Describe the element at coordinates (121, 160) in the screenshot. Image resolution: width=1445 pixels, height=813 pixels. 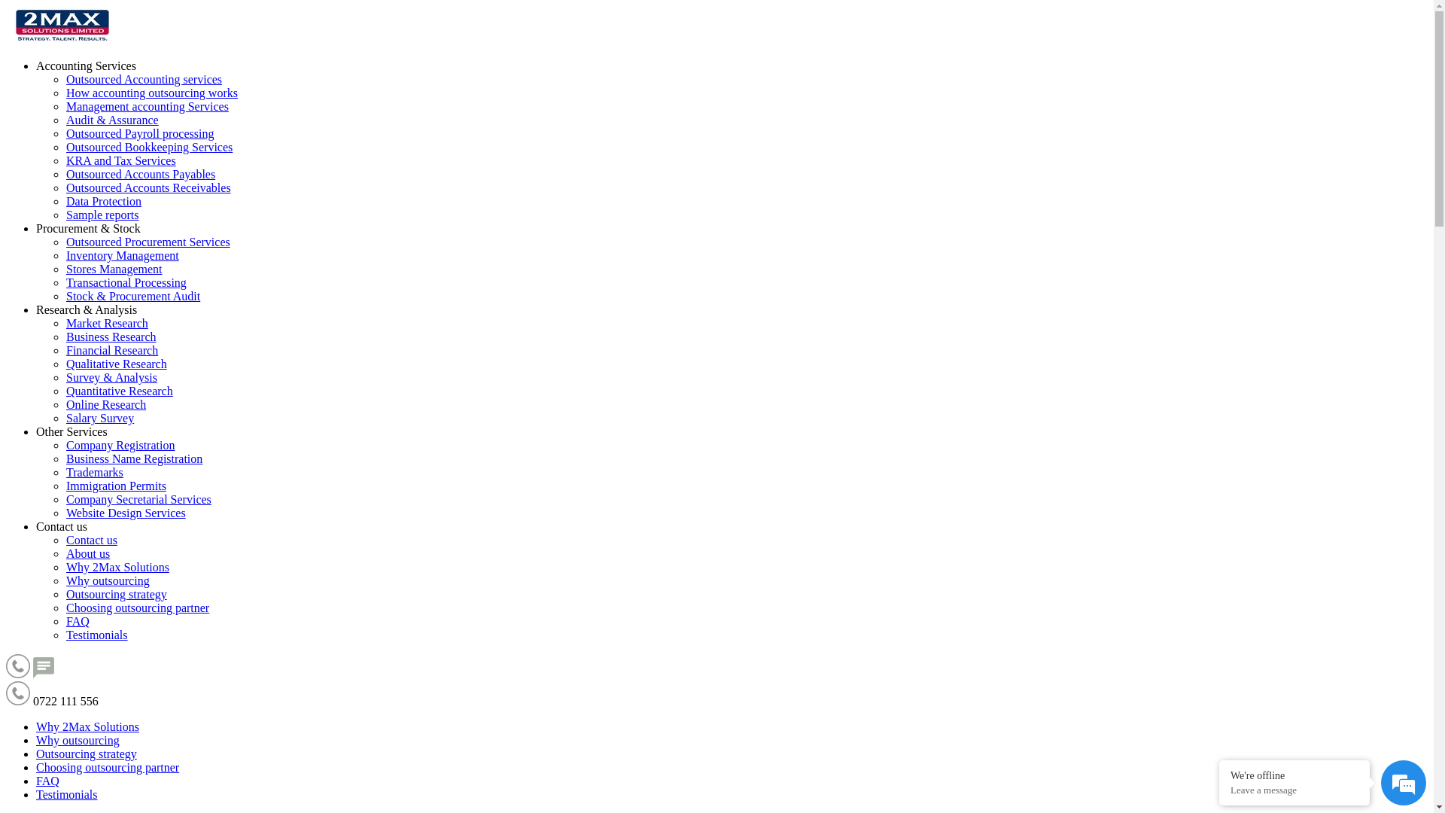
I see `'KRA and Tax Services'` at that location.